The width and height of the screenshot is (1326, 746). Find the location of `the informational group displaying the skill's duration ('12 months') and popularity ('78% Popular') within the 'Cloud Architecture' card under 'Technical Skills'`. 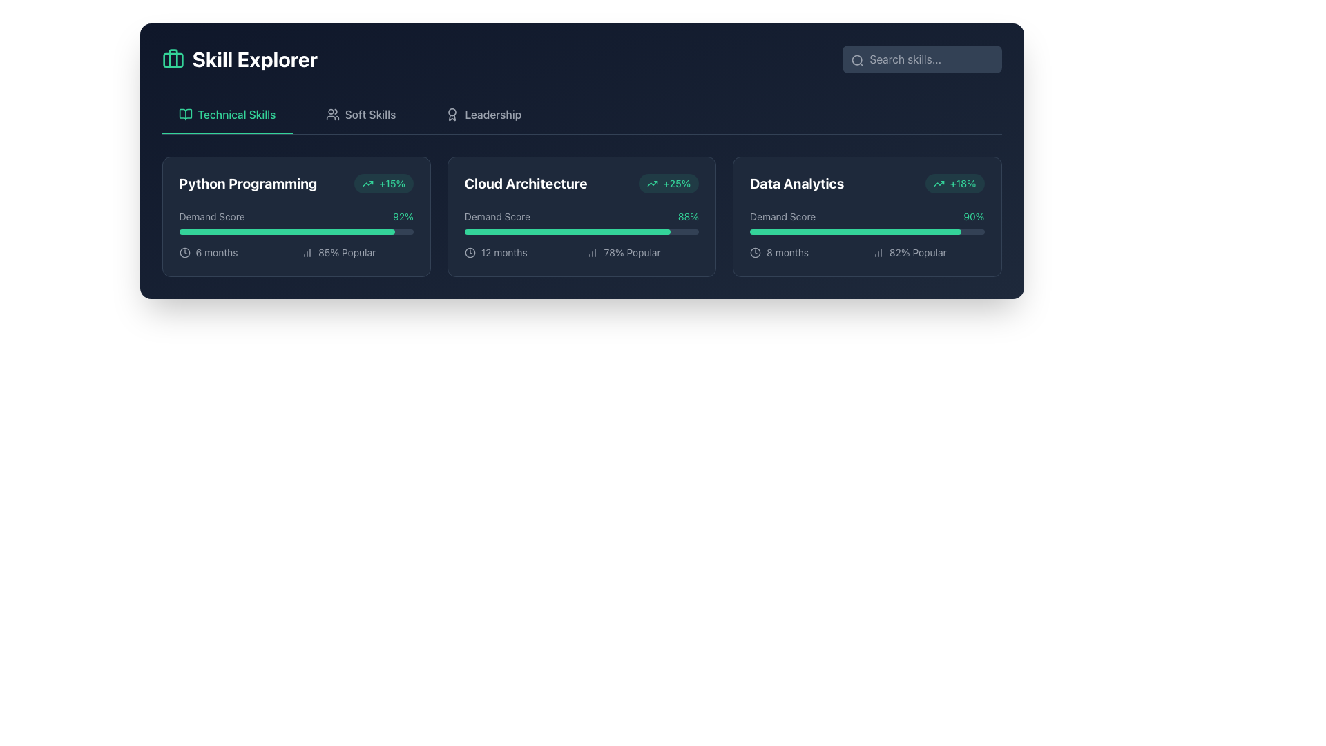

the informational group displaying the skill's duration ('12 months') and popularity ('78% Popular') within the 'Cloud Architecture' card under 'Technical Skills' is located at coordinates (582, 253).